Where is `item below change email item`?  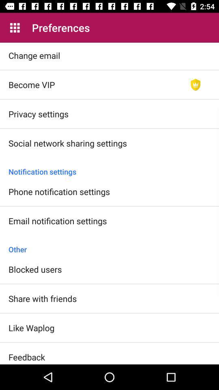 item below change email item is located at coordinates (31, 84).